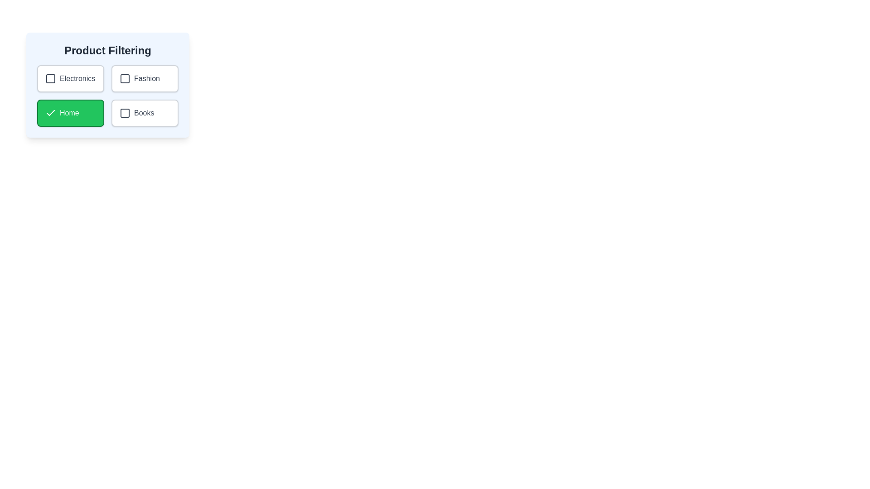  I want to click on the category Books by clicking on its button, so click(145, 113).